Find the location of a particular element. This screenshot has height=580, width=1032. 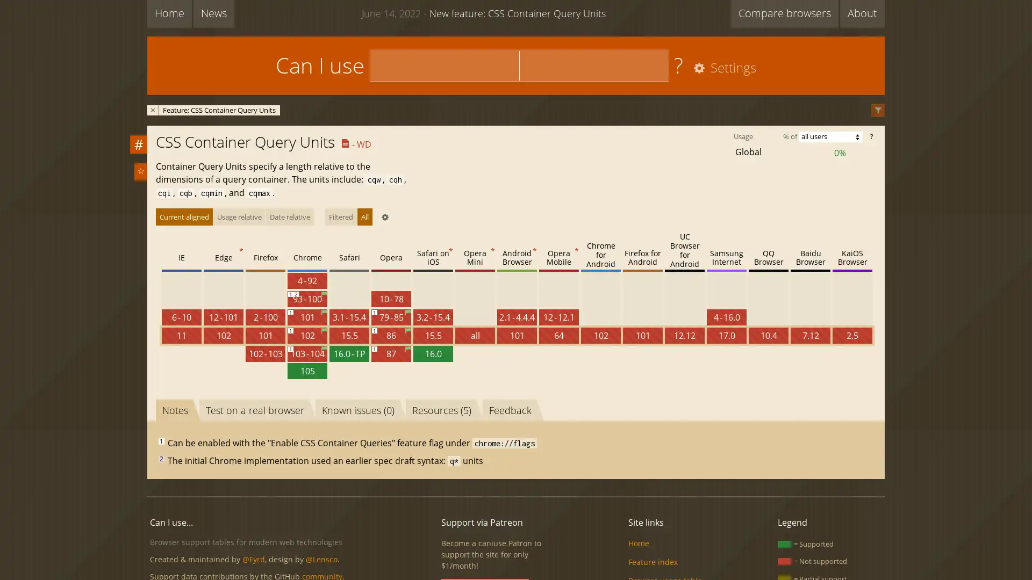

Filter is located at coordinates (878, 110).